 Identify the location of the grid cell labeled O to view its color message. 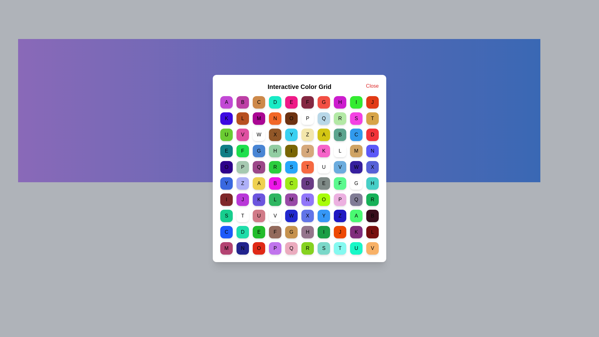
(291, 119).